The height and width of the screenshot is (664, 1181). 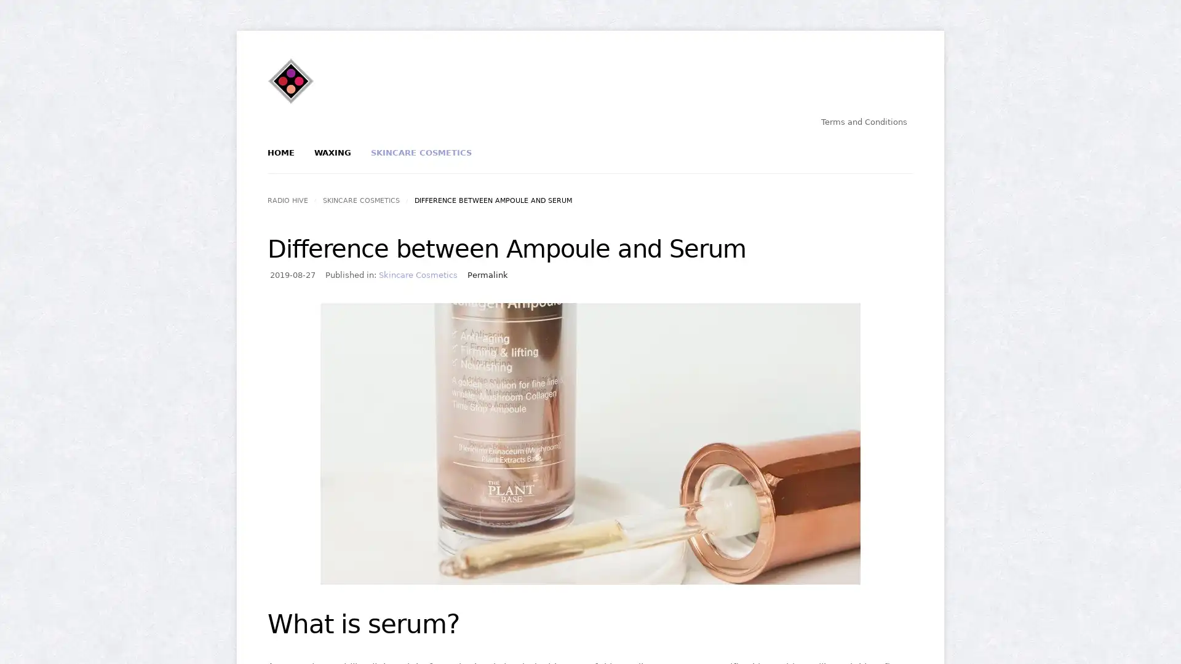 What do you see at coordinates (547, 207) in the screenshot?
I see `Log In` at bounding box center [547, 207].